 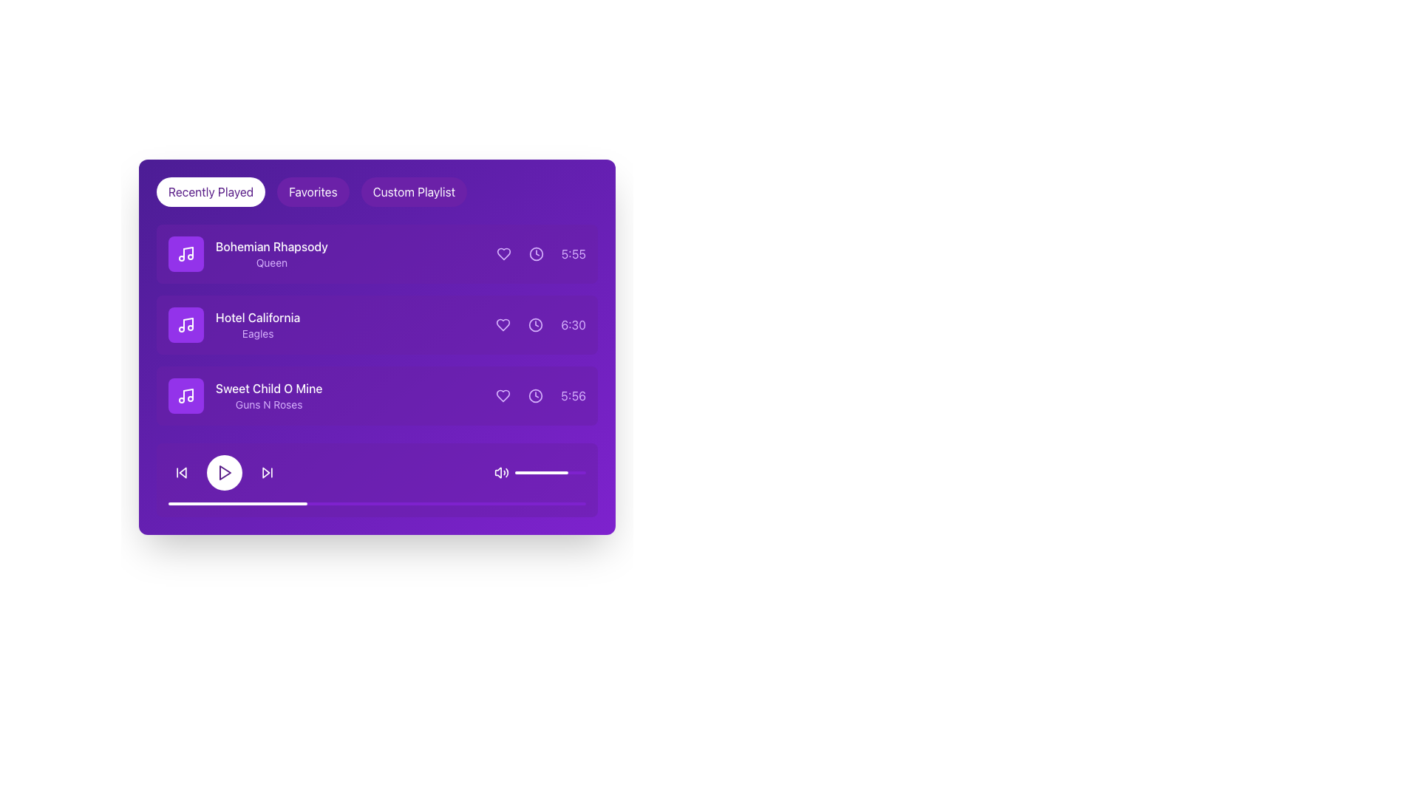 I want to click on the triangular Skip Back icon located in the media control interface, positioned towards the bottom-left corner, to the left of the play button, so click(x=182, y=473).